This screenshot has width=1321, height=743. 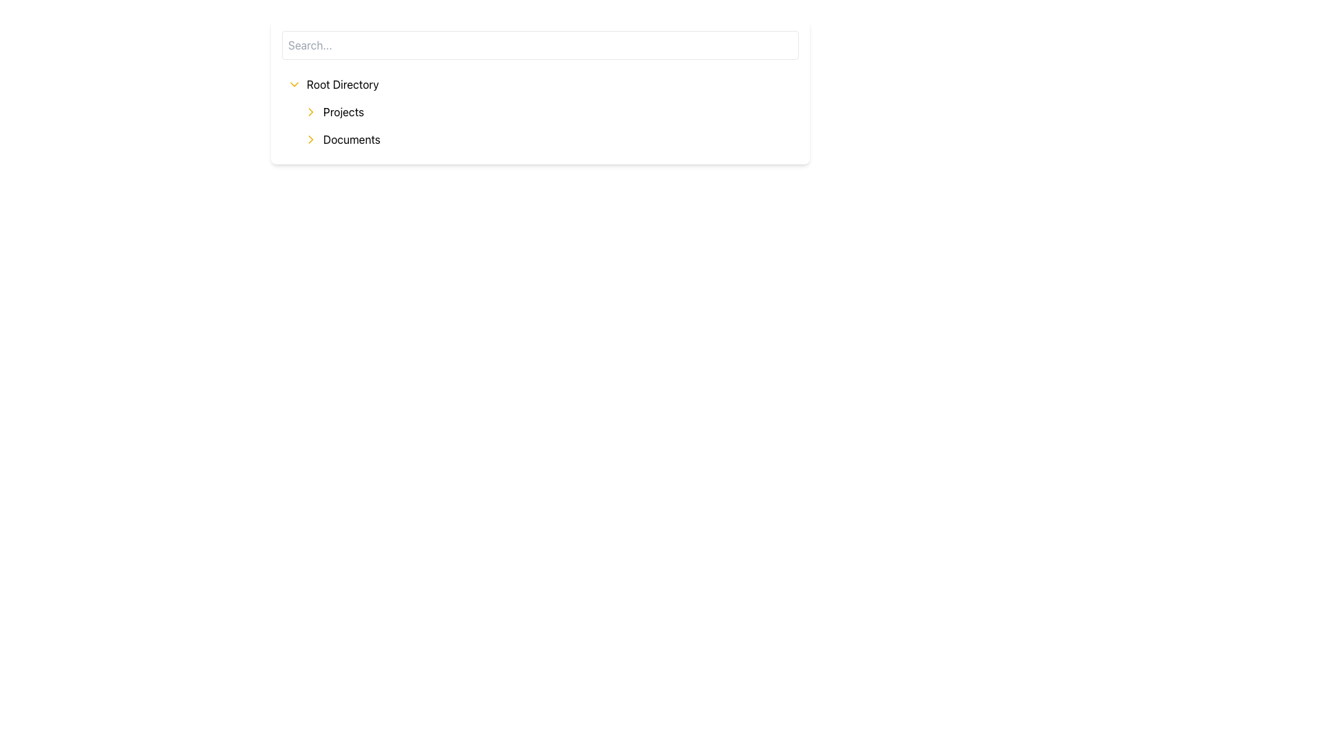 I want to click on the Chevron icon located within the 'Projects' menu item, which serves as an indicator for expanding or collapsing the subsection, so click(x=310, y=111).